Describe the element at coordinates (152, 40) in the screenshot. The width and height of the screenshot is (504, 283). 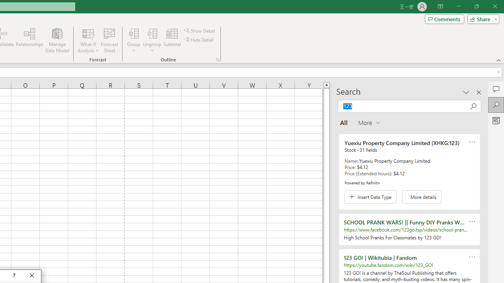
I see `'Ungroup...'` at that location.